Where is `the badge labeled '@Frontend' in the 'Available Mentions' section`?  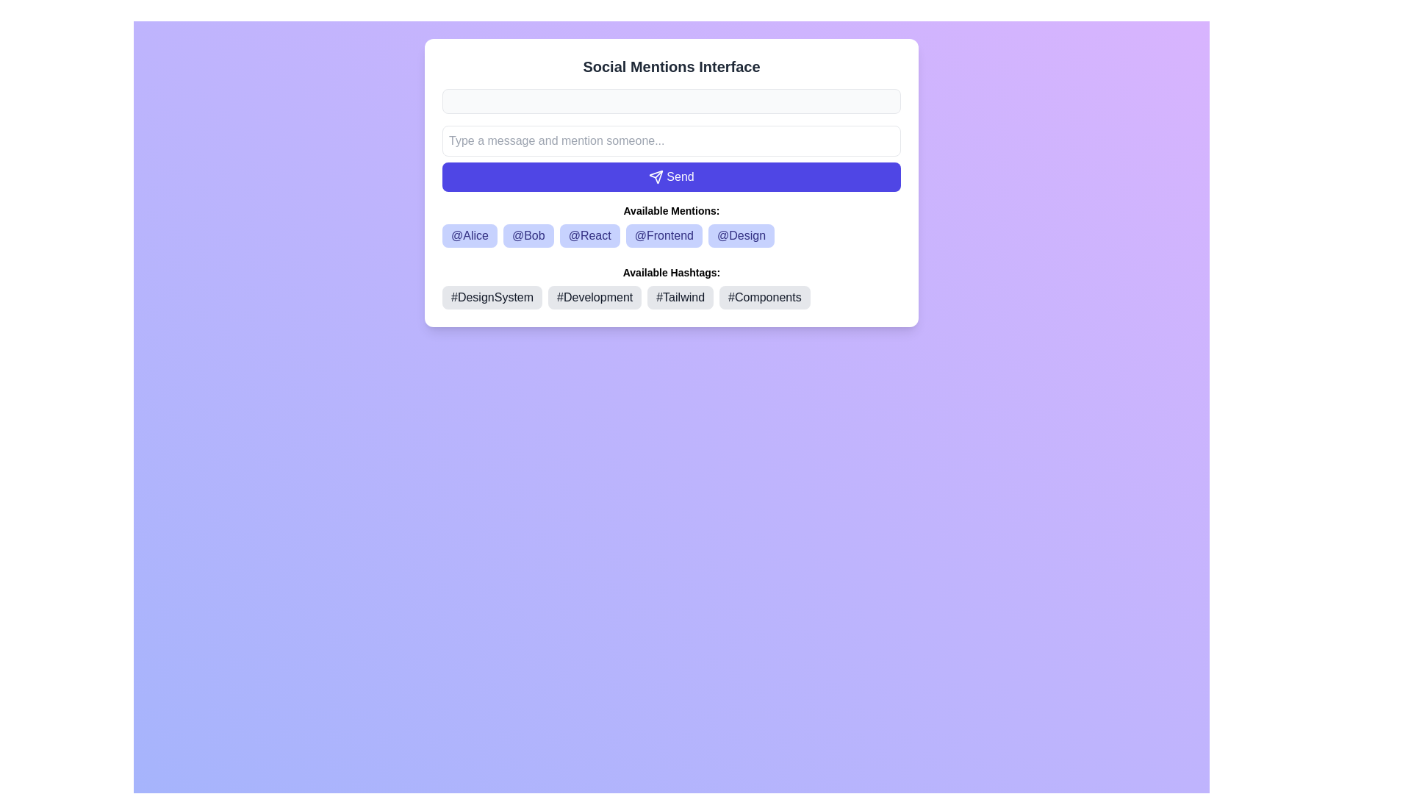 the badge labeled '@Frontend' in the 'Available Mentions' section is located at coordinates (663, 235).